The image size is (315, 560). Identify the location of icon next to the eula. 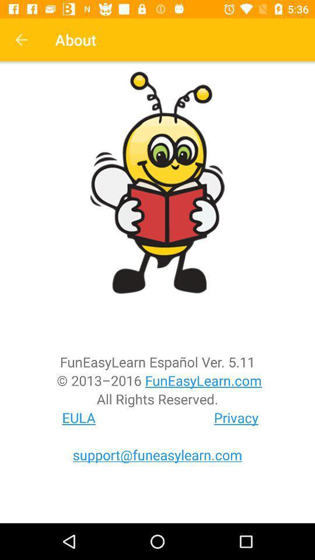
(236, 418).